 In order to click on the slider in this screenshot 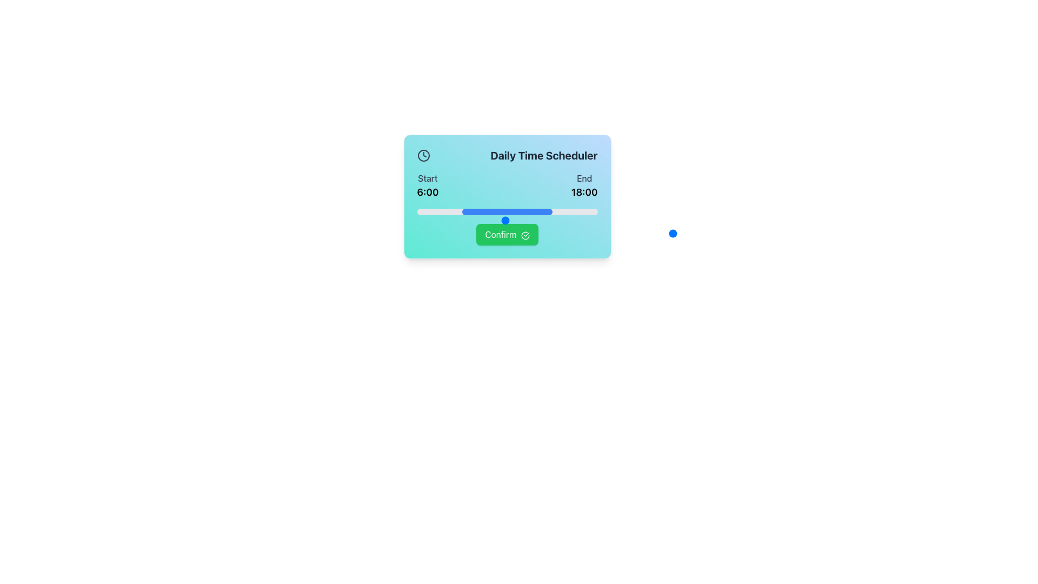, I will do `click(456, 212)`.